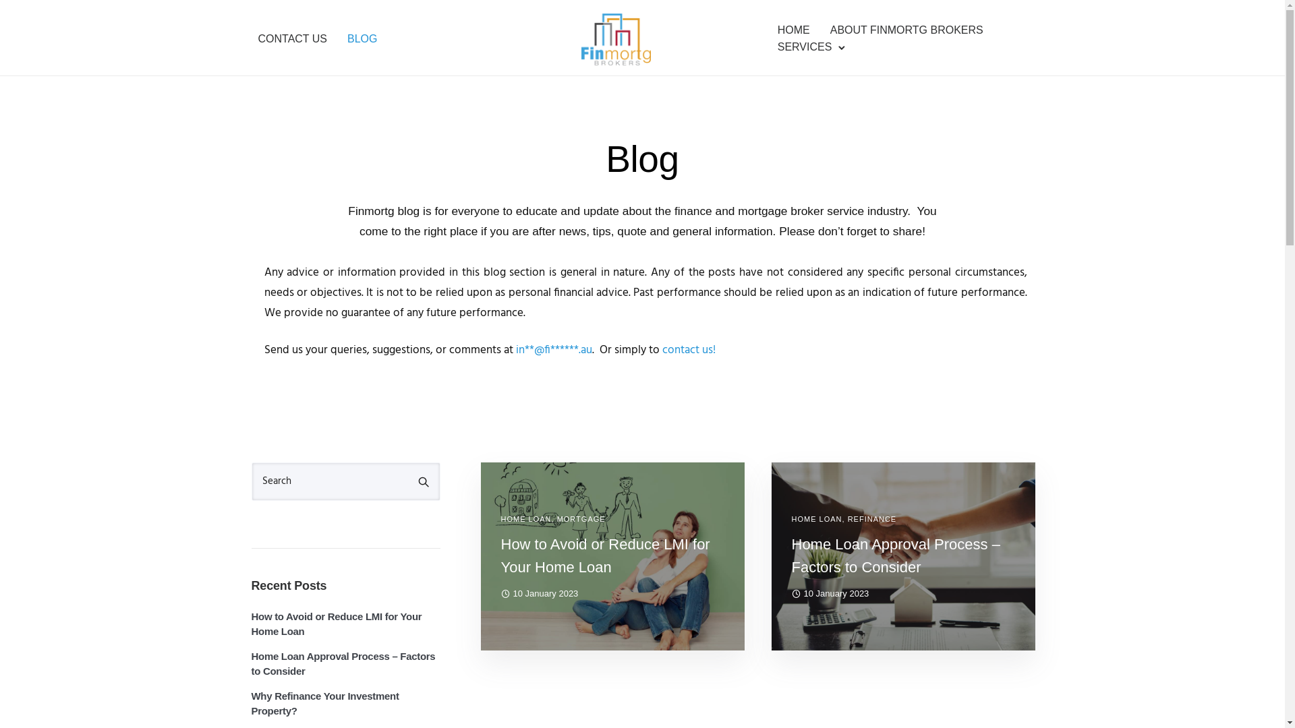 Image resolution: width=1295 pixels, height=728 pixels. Describe the element at coordinates (611, 556) in the screenshot. I see `'How to Avoid or Reduce LMI for Your Home Loan'` at that location.